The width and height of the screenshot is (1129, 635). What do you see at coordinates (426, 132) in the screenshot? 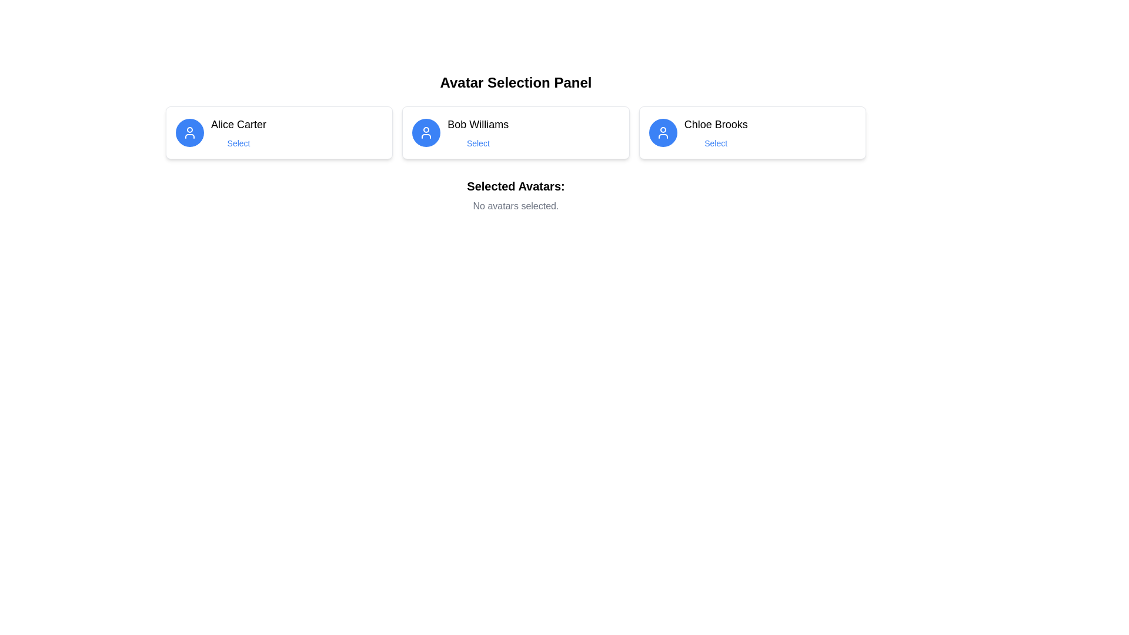
I see `the avatar selection button for 'Bob Williams', which is the second button from the left in the middle group of three avatar options` at bounding box center [426, 132].